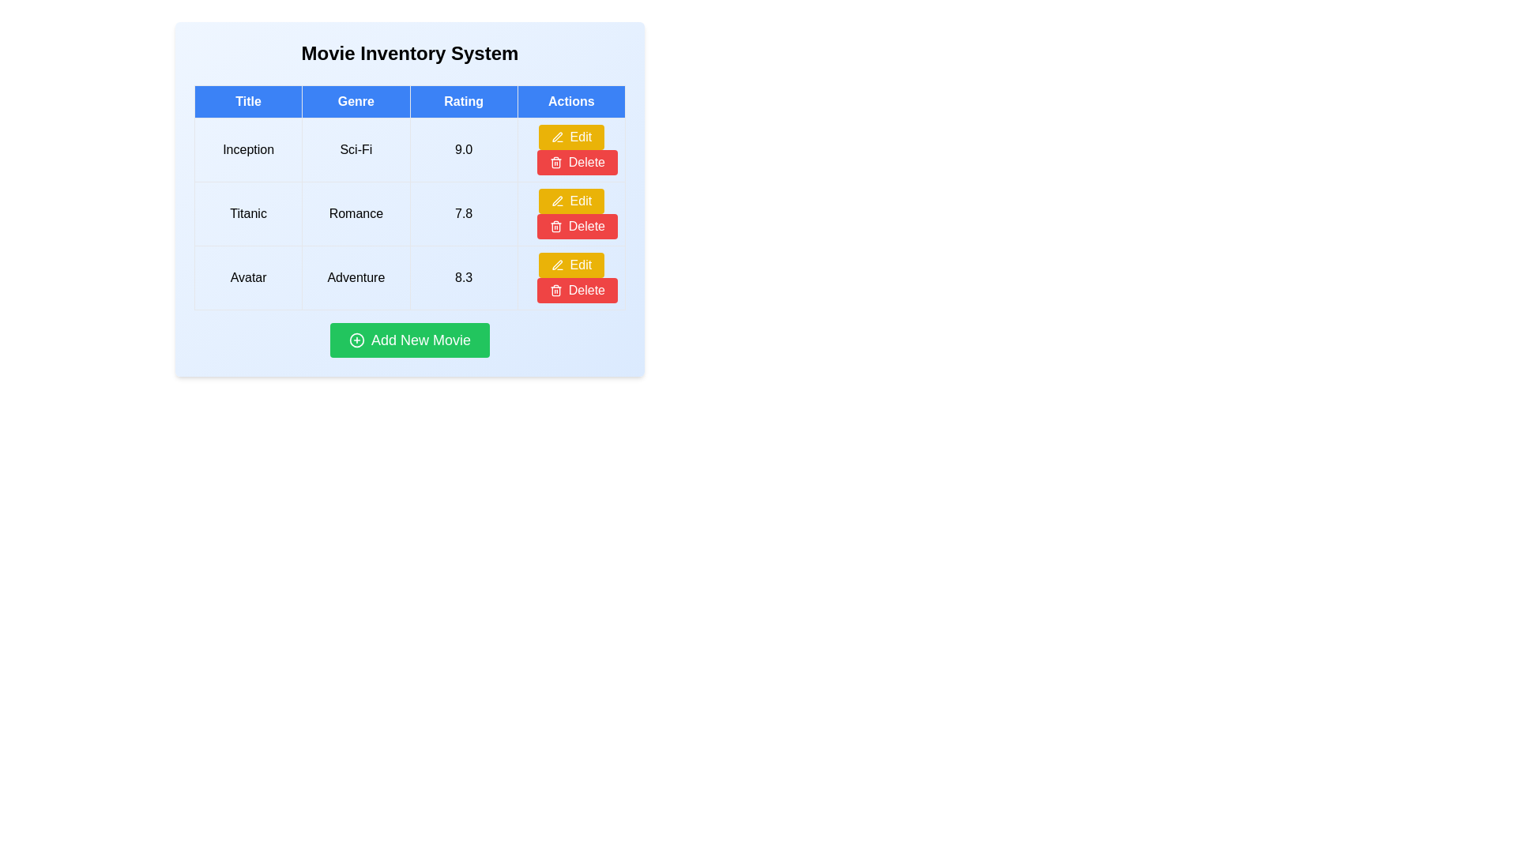  What do you see at coordinates (463, 213) in the screenshot?
I see `the Static text displaying the rating of the movie 'Titanic' located in the 'Rating' column` at bounding box center [463, 213].